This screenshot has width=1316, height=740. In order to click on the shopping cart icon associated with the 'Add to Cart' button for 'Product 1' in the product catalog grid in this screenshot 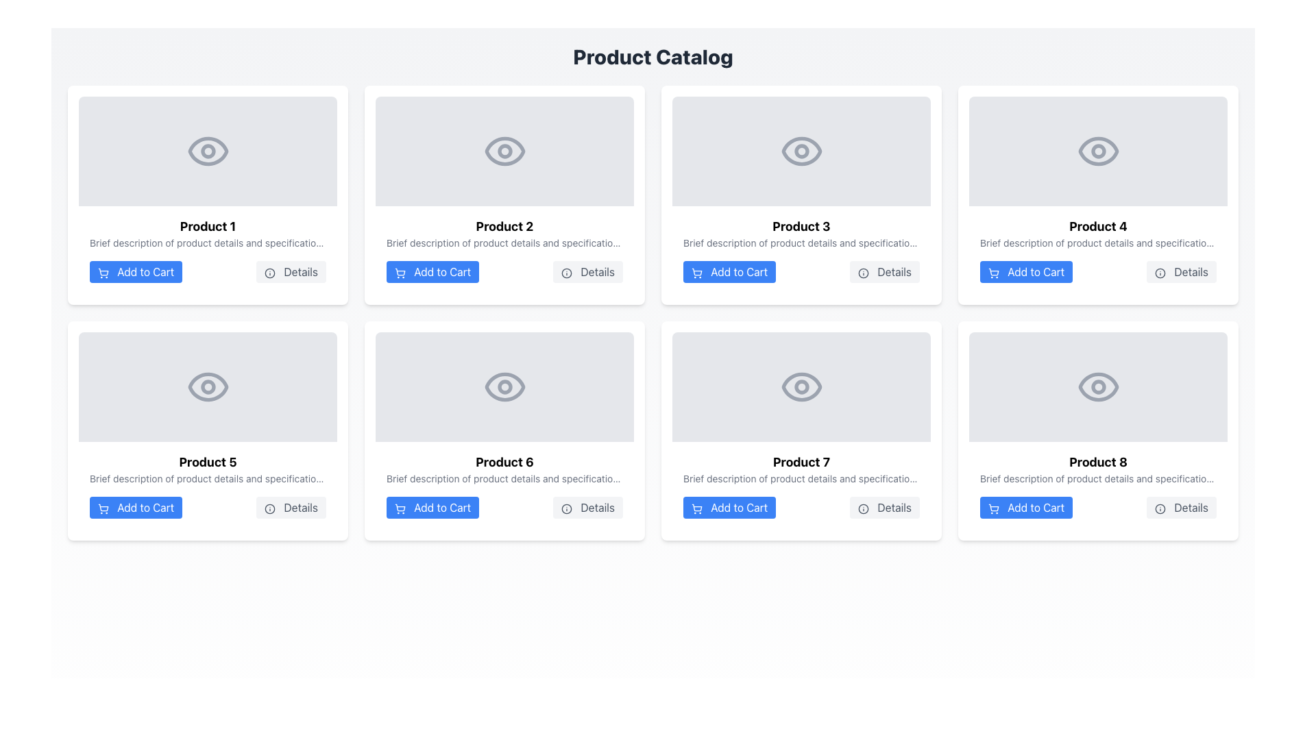, I will do `click(103, 271)`.